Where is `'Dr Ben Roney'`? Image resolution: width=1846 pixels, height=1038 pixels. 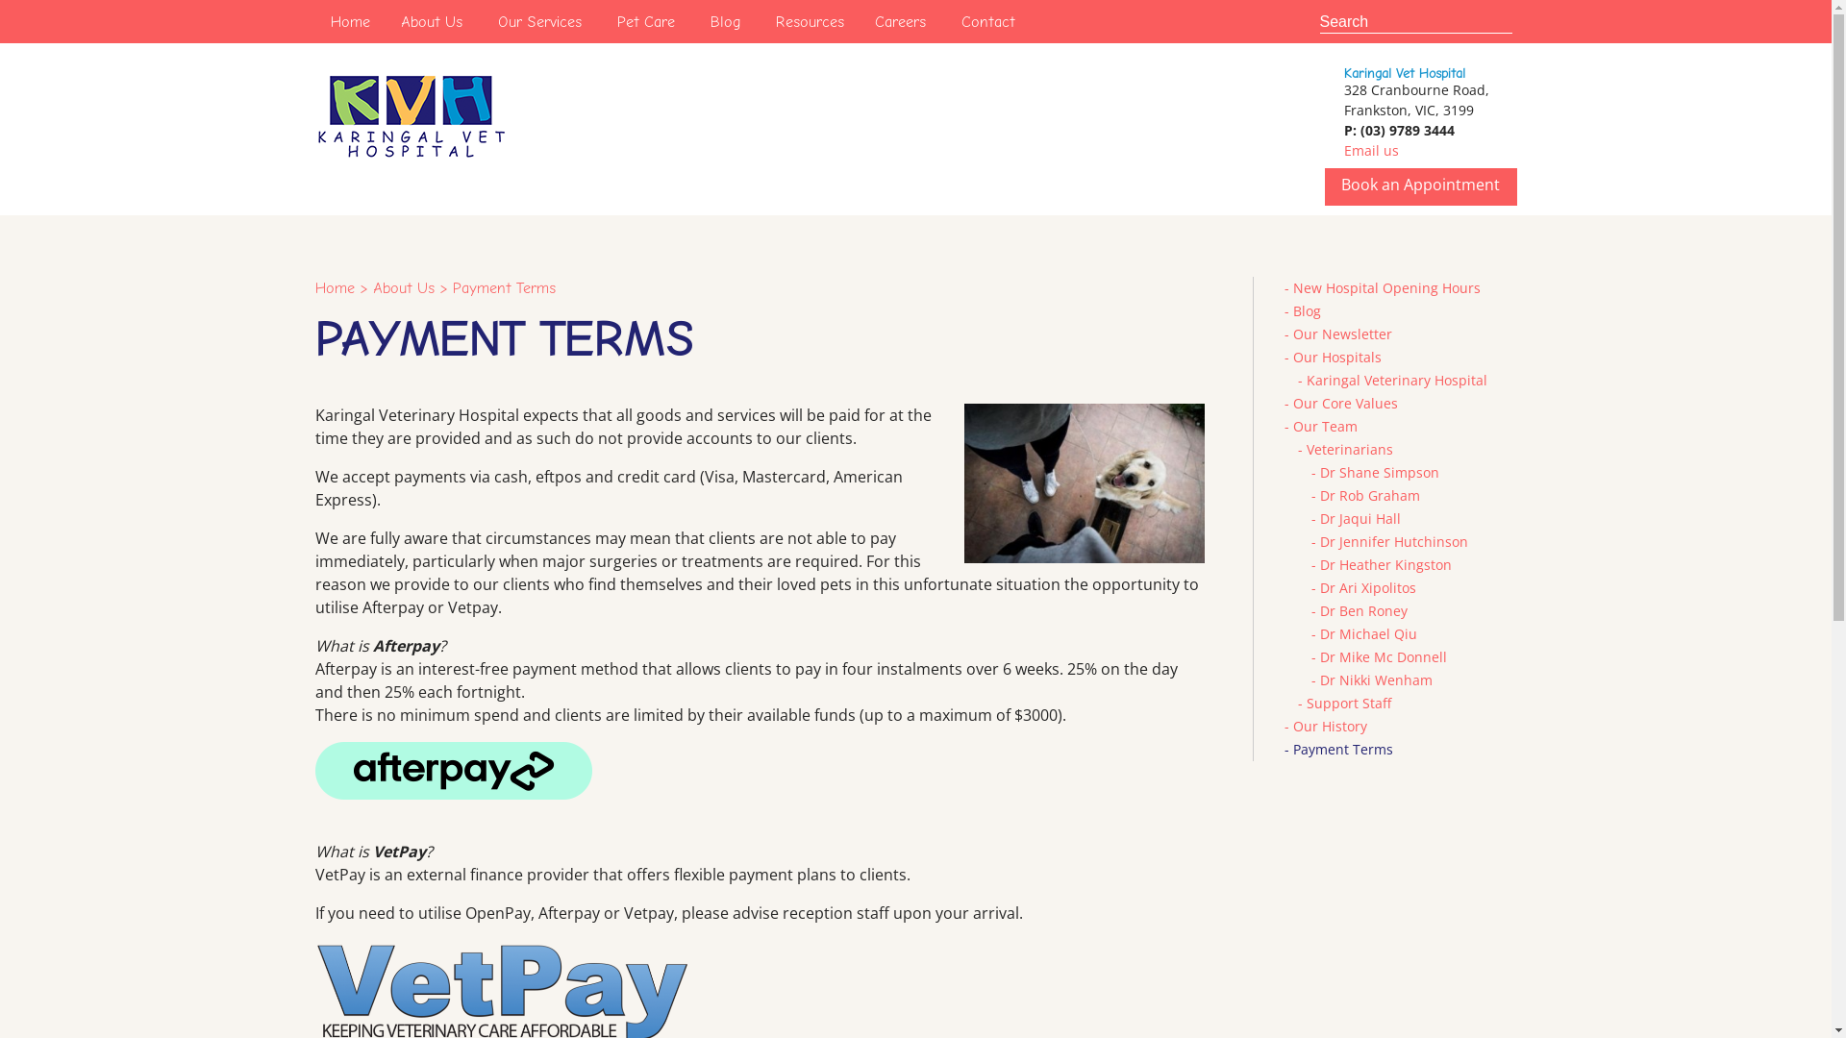
'Dr Ben Roney' is located at coordinates (1361, 610).